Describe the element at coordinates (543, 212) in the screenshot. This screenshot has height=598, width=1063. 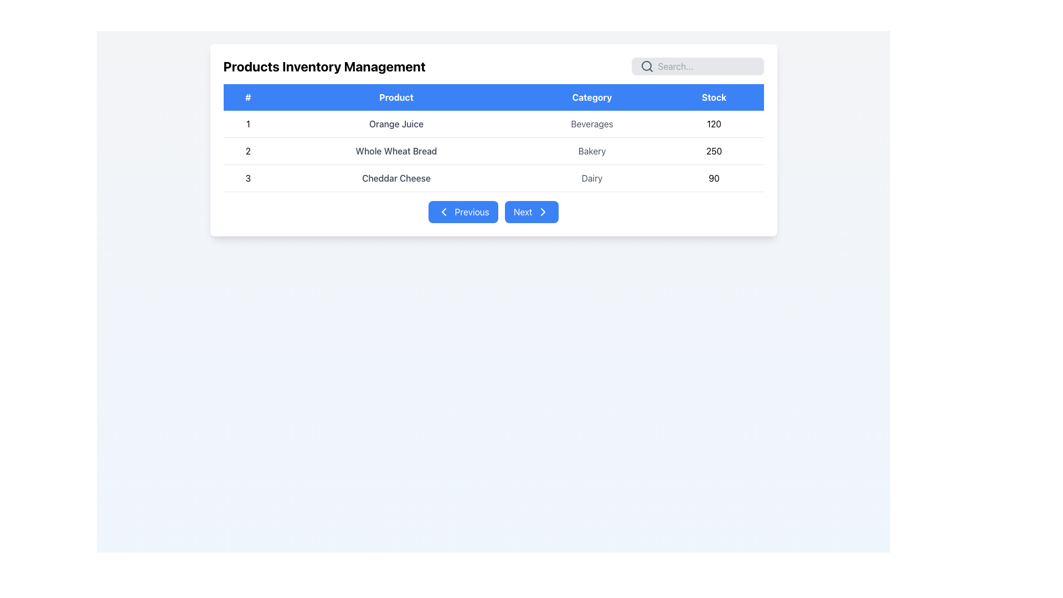
I see `keyboard navigation` at that location.